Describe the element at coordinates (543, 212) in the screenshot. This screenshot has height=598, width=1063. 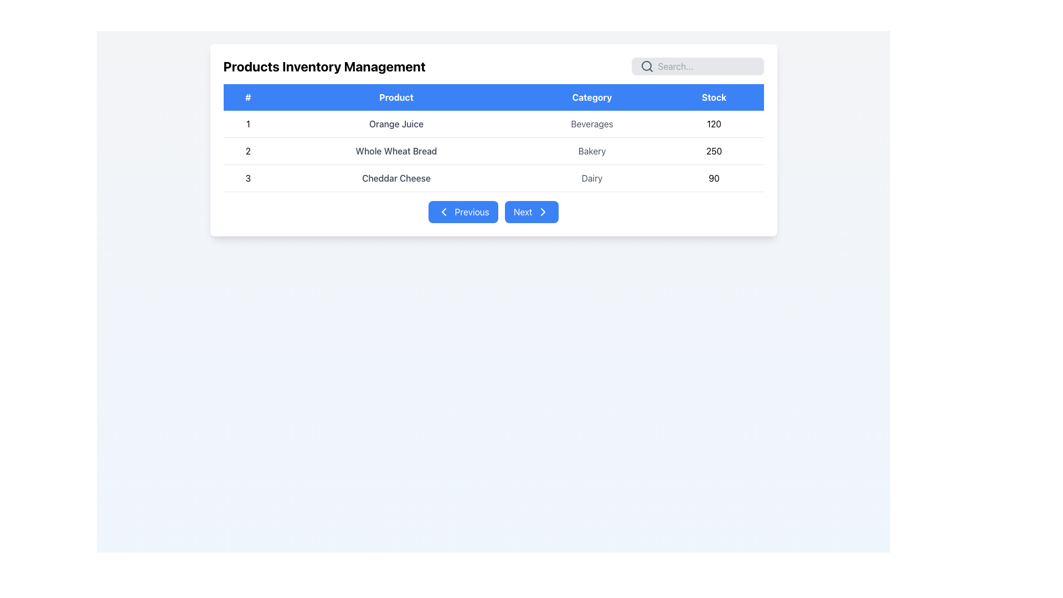
I see `keyboard navigation` at that location.